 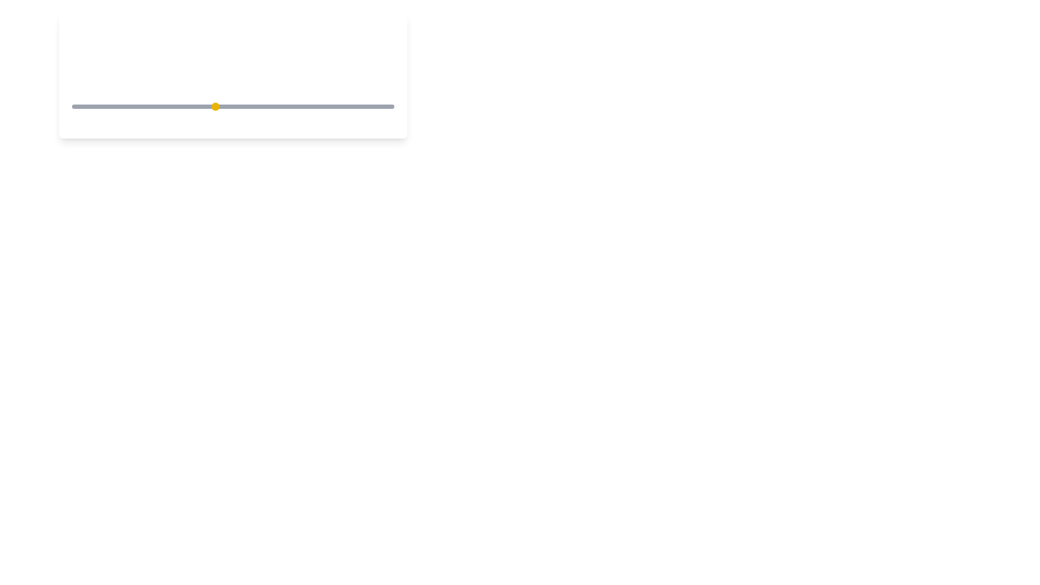 I want to click on the coffee strength to 1 by moving the slider, so click(x=71, y=106).